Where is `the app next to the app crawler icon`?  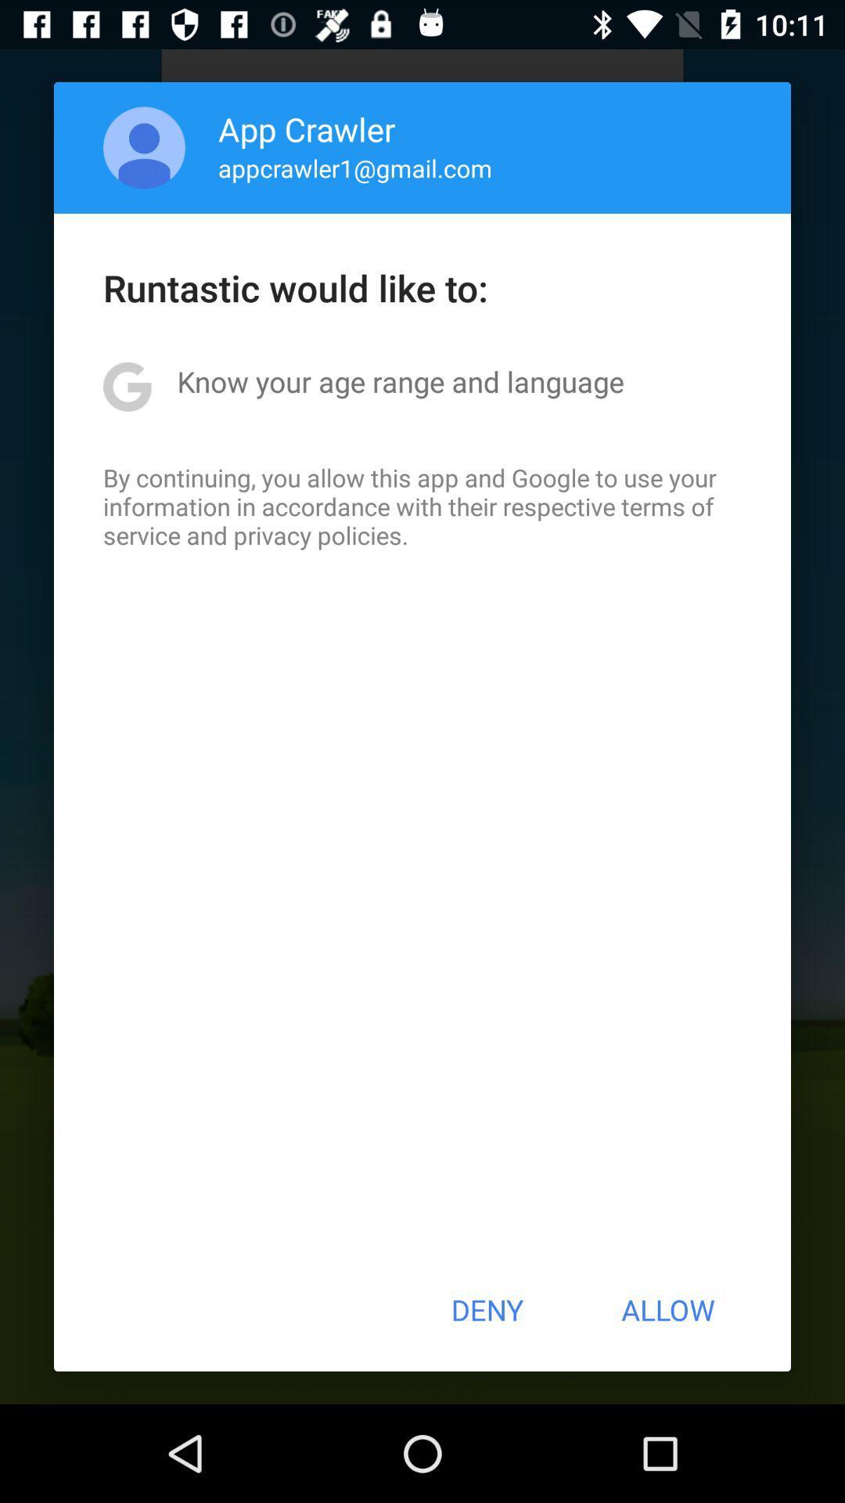 the app next to the app crawler icon is located at coordinates (144, 147).